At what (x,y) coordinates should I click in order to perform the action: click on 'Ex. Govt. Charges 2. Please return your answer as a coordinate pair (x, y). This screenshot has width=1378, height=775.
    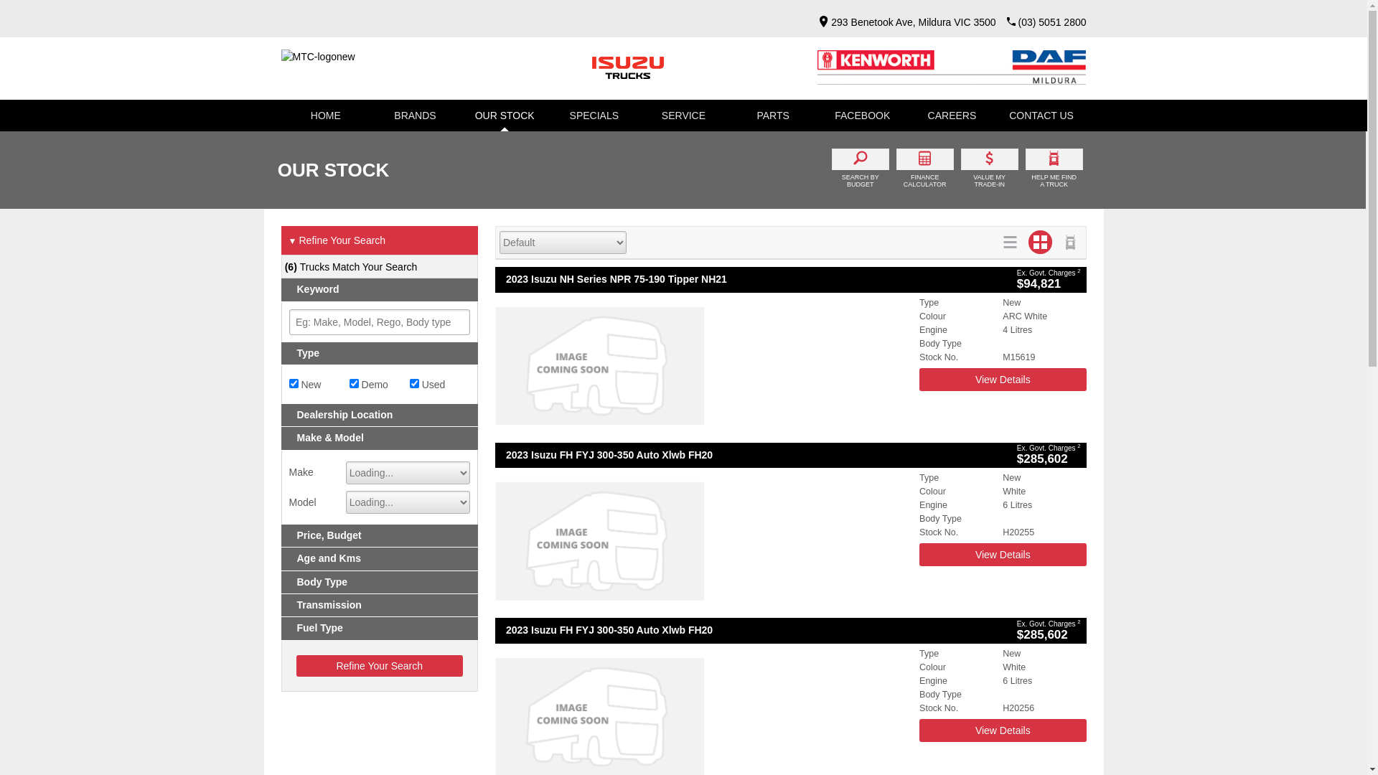
    Looking at the image, I should click on (1049, 629).